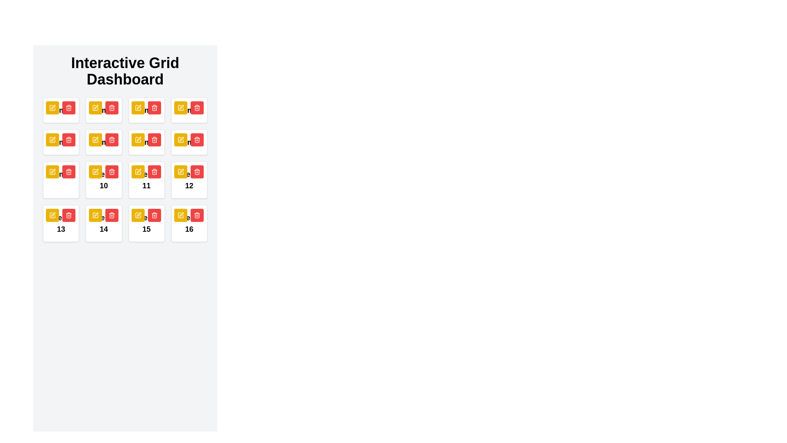 The width and height of the screenshot is (787, 443). I want to click on the yellow square button with an embedded edit icon located in the first button of the fifteenth cell in the fourth row, so click(138, 215).